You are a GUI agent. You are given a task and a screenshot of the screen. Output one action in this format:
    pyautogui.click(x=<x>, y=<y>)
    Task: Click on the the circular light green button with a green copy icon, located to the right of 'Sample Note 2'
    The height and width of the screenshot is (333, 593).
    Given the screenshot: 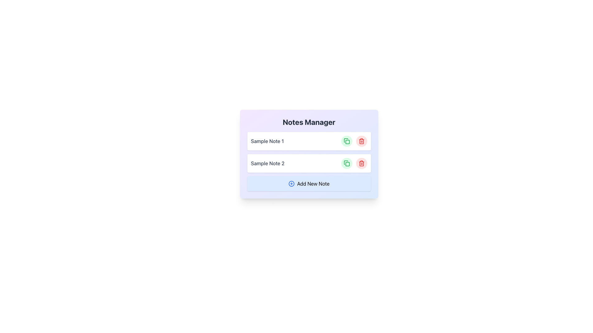 What is the action you would take?
    pyautogui.click(x=347, y=163)
    